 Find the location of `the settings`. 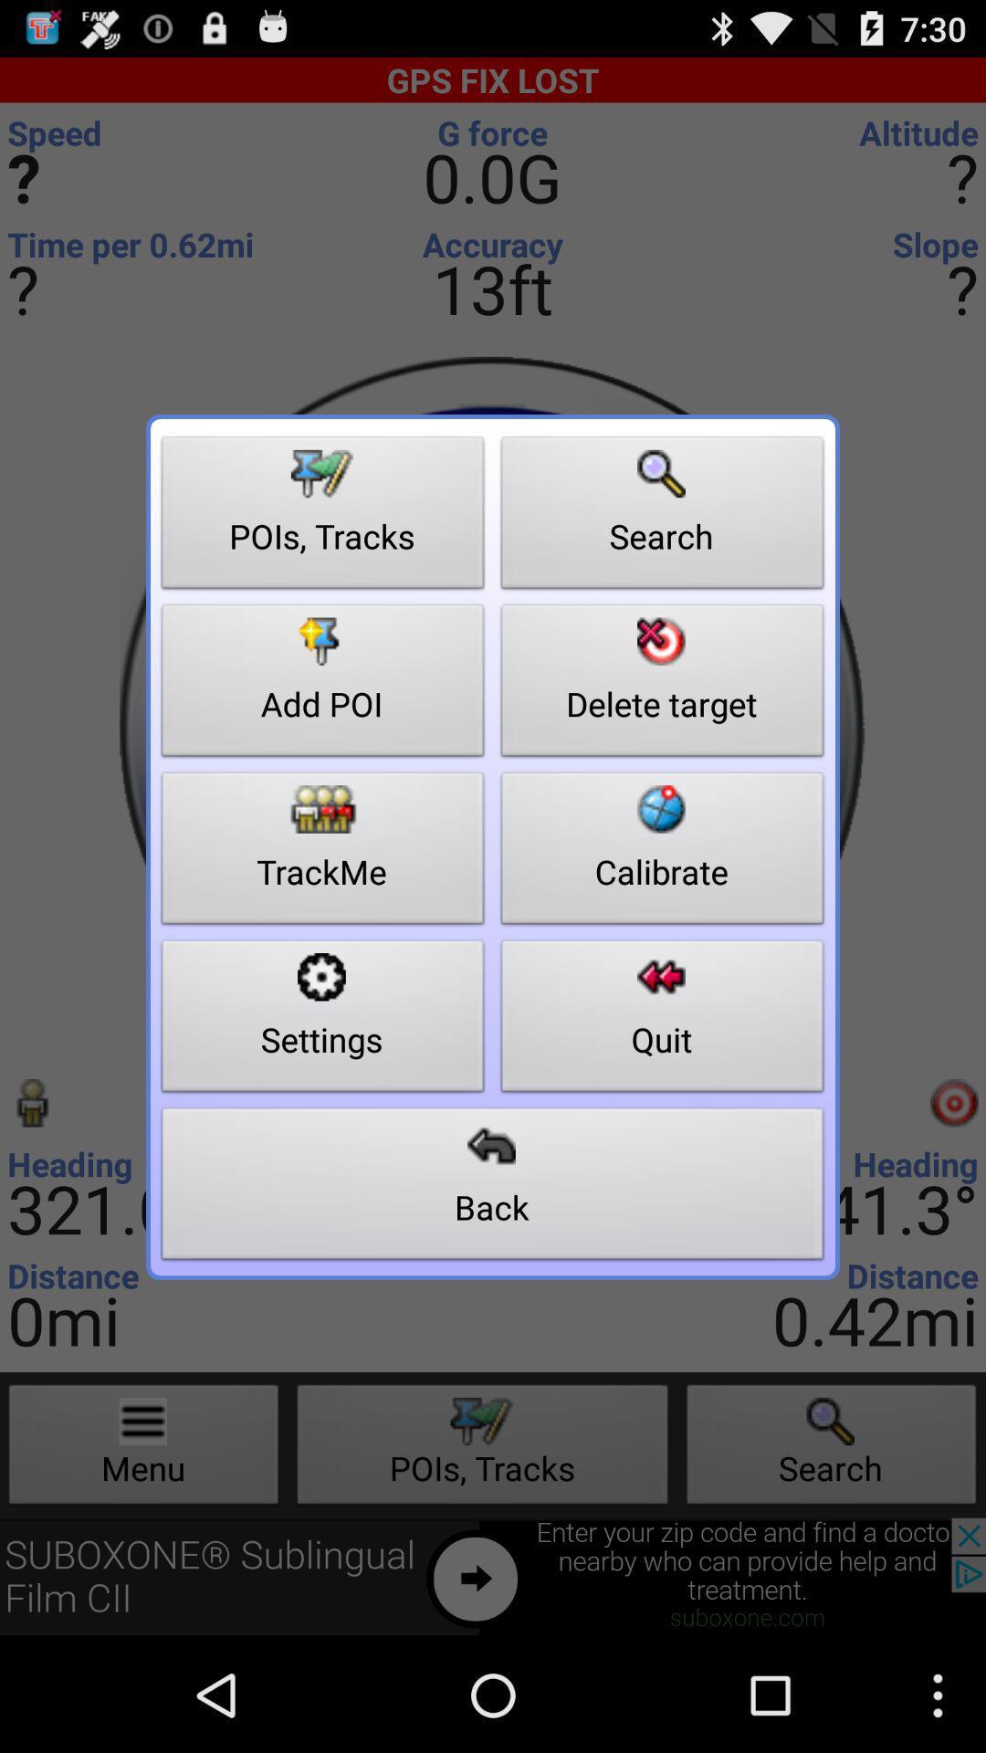

the settings is located at coordinates (322, 1020).